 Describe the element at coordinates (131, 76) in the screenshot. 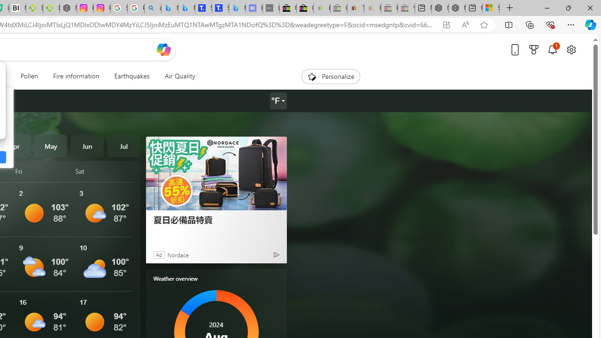

I see `'Earthquakes'` at that location.